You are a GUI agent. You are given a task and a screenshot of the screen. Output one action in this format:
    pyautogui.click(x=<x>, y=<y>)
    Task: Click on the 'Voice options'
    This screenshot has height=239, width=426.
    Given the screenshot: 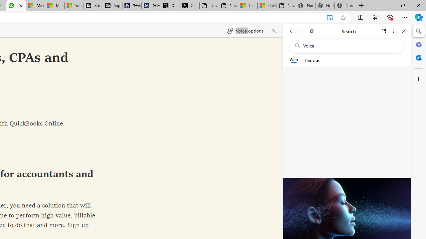 What is the action you would take?
    pyautogui.click(x=245, y=31)
    